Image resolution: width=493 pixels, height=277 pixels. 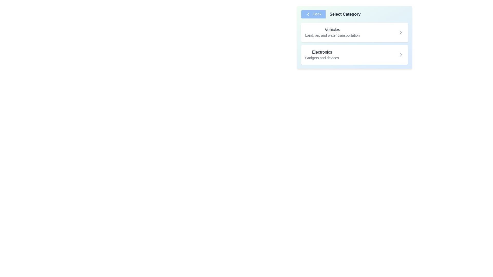 I want to click on the navigational icon located on the right edge of the 'Vehicles' list item, so click(x=400, y=32).